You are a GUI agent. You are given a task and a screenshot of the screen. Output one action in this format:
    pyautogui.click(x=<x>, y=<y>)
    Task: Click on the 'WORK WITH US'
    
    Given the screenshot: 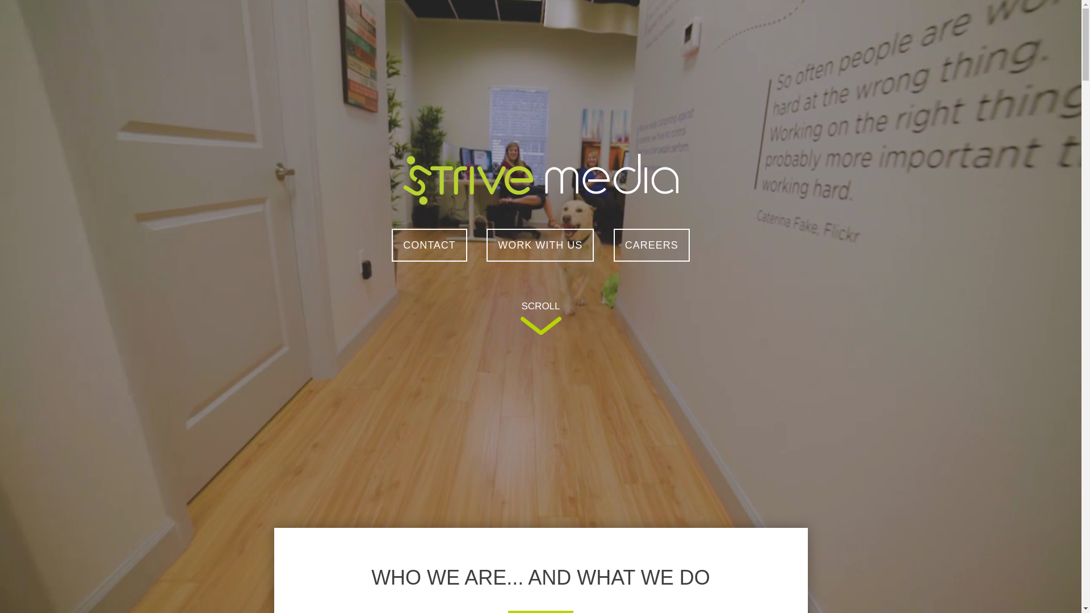 What is the action you would take?
    pyautogui.click(x=539, y=245)
    